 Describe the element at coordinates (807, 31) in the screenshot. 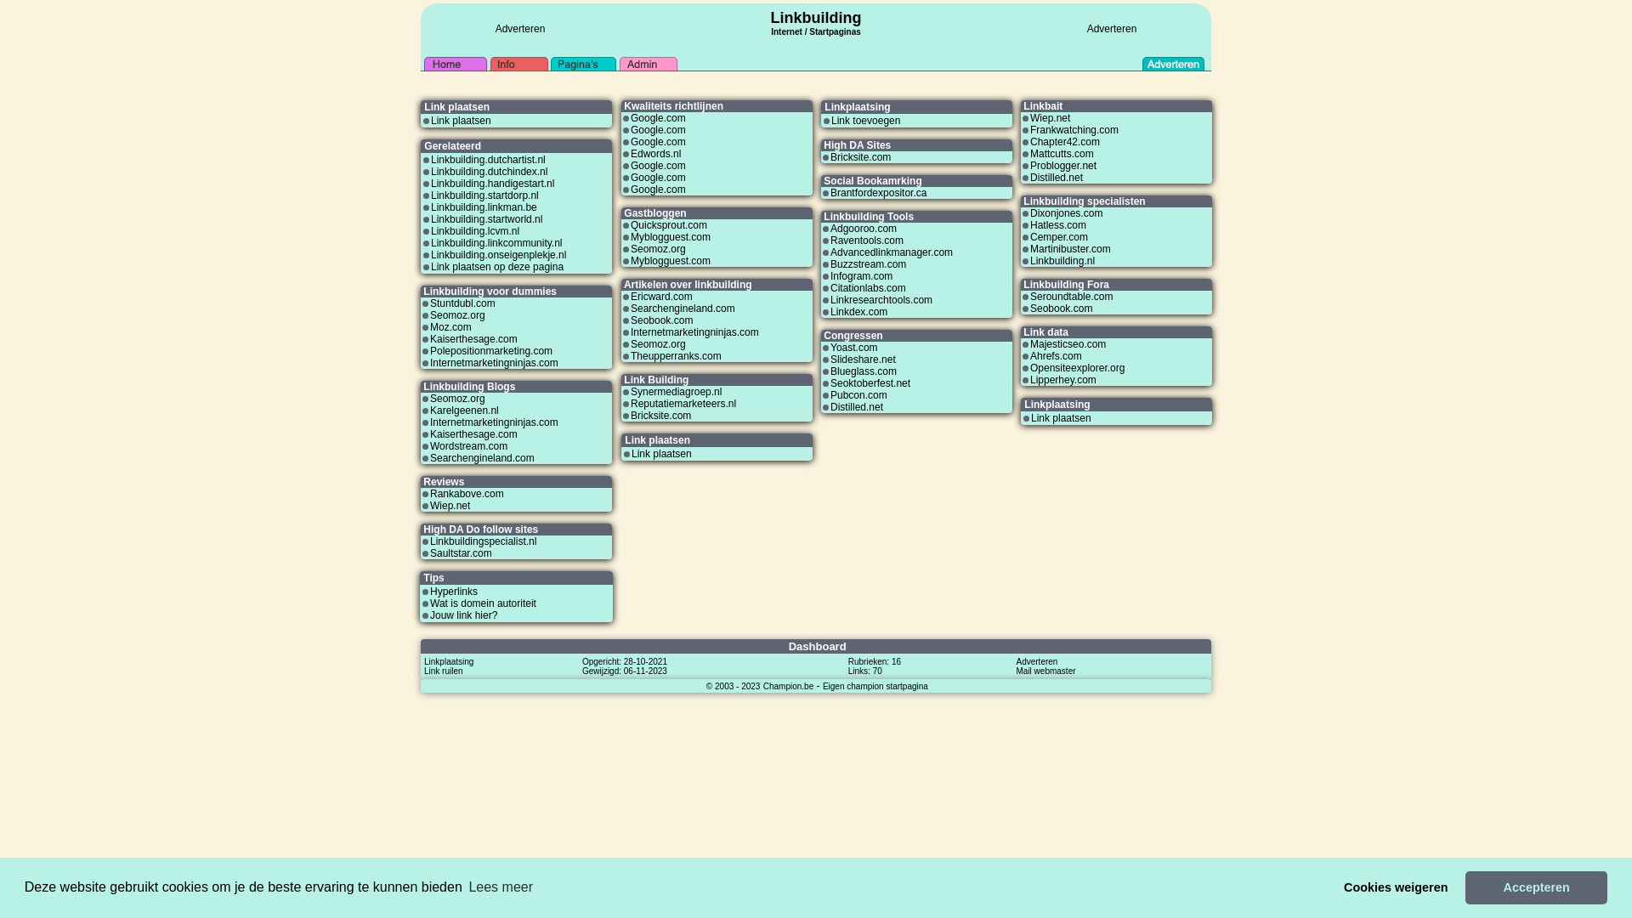

I see `'Startpaginas'` at that location.